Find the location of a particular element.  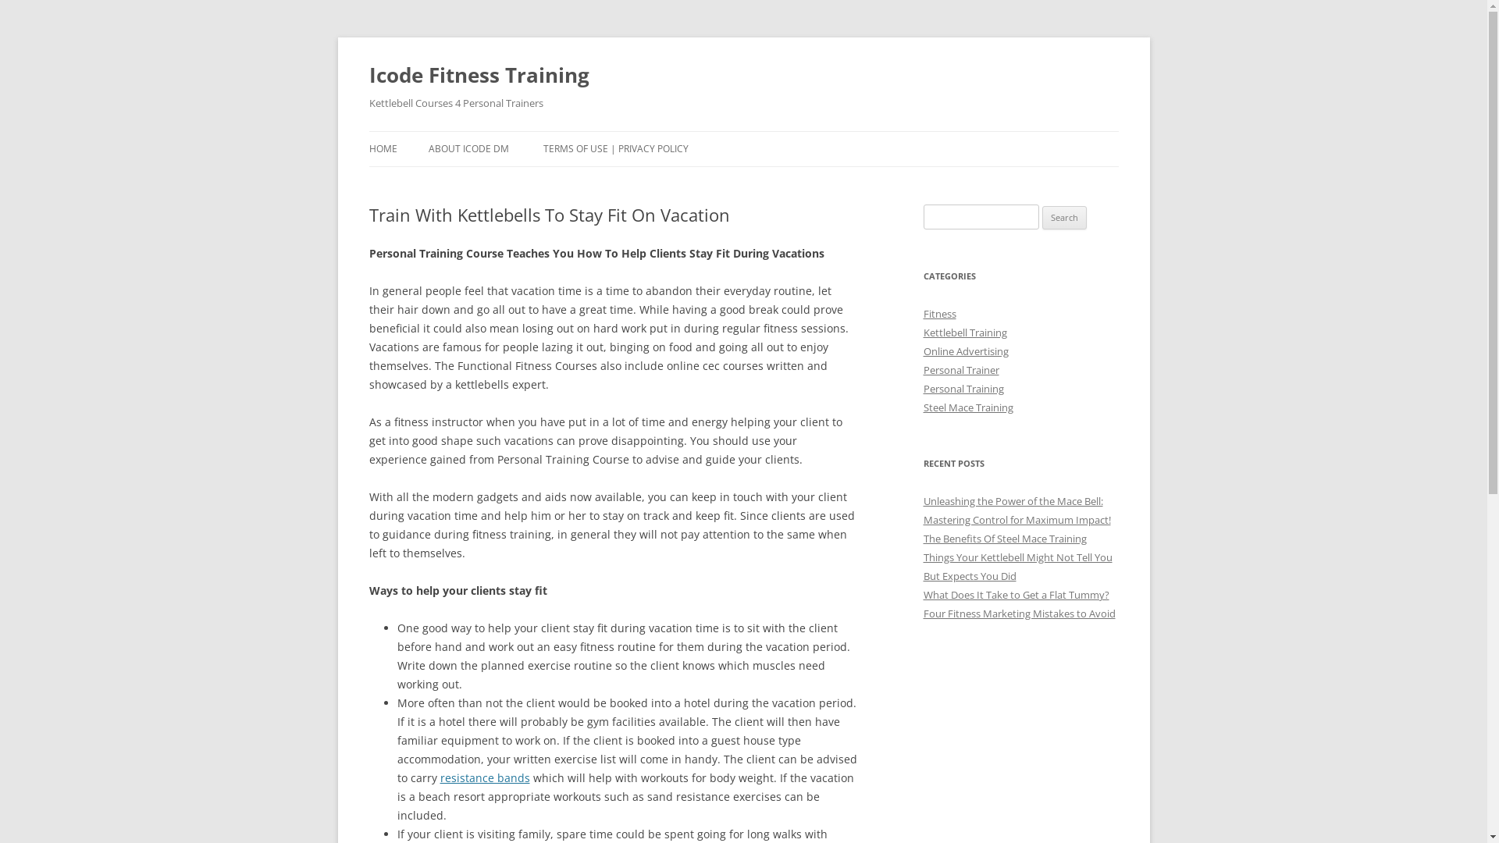

'Online Advertising' is located at coordinates (922, 351).